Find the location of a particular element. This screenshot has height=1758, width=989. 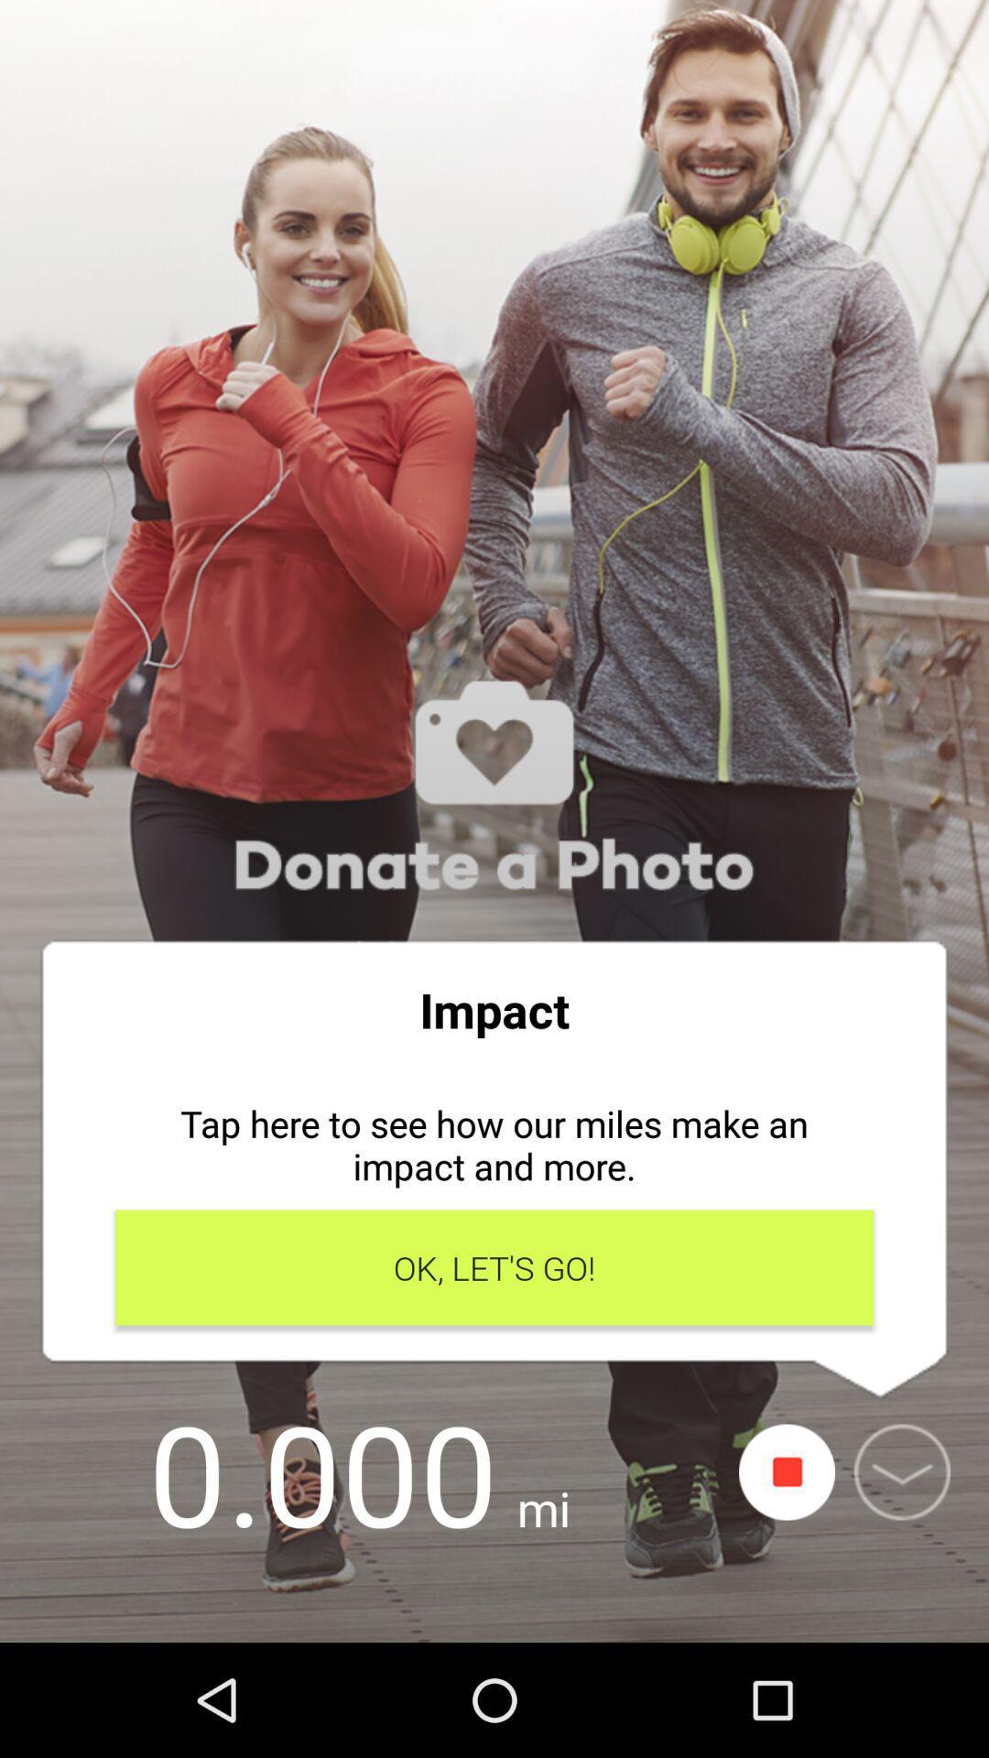

the expand_more icon is located at coordinates (901, 1472).